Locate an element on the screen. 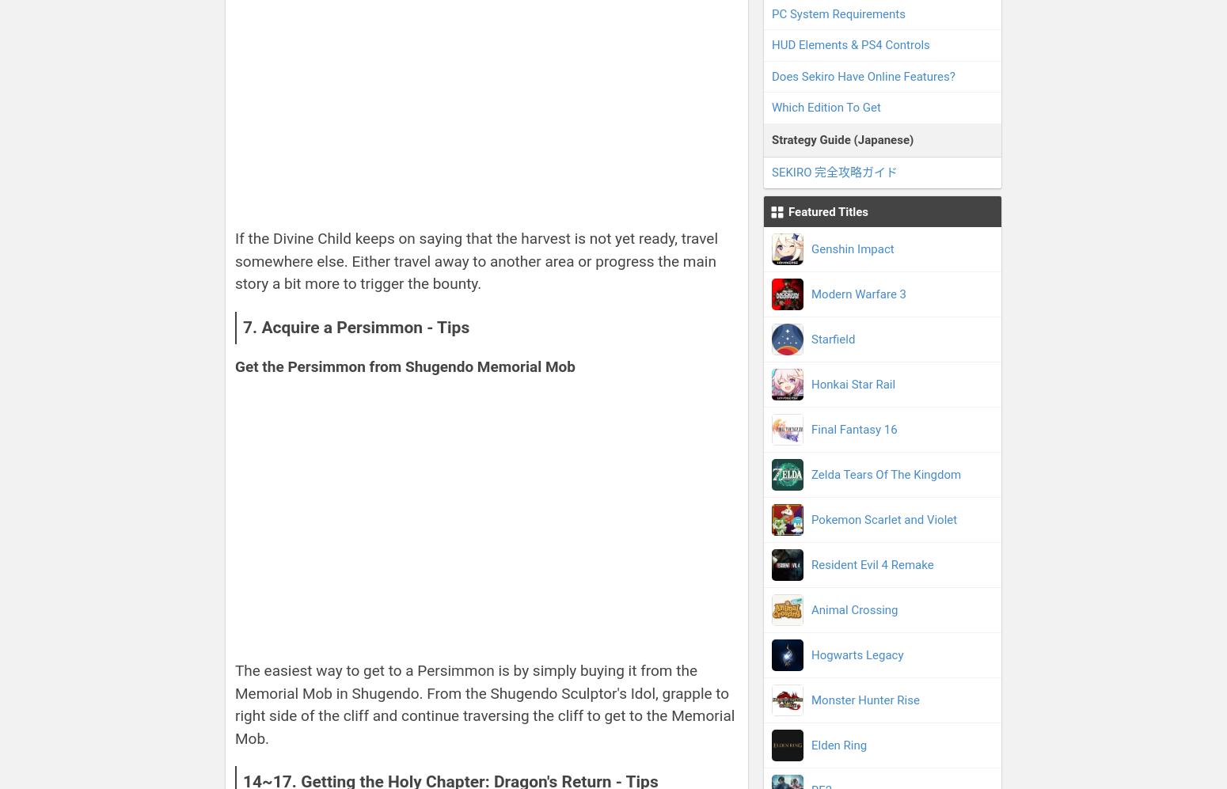 The image size is (1227, 789). 'Modern Warfare 3' is located at coordinates (859, 293).